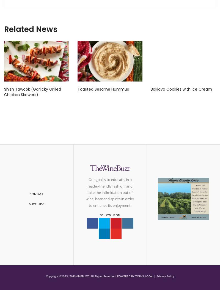  What do you see at coordinates (103, 89) in the screenshot?
I see `'Toasted Sesame Hummus'` at bounding box center [103, 89].